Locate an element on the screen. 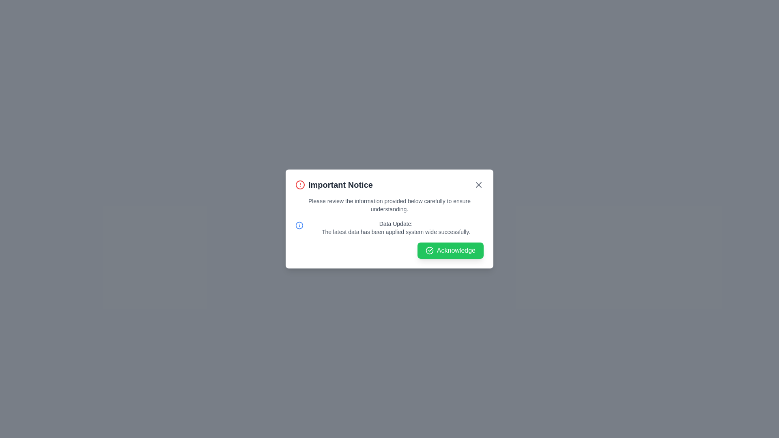  close button to dismiss the dialog is located at coordinates (479, 185).